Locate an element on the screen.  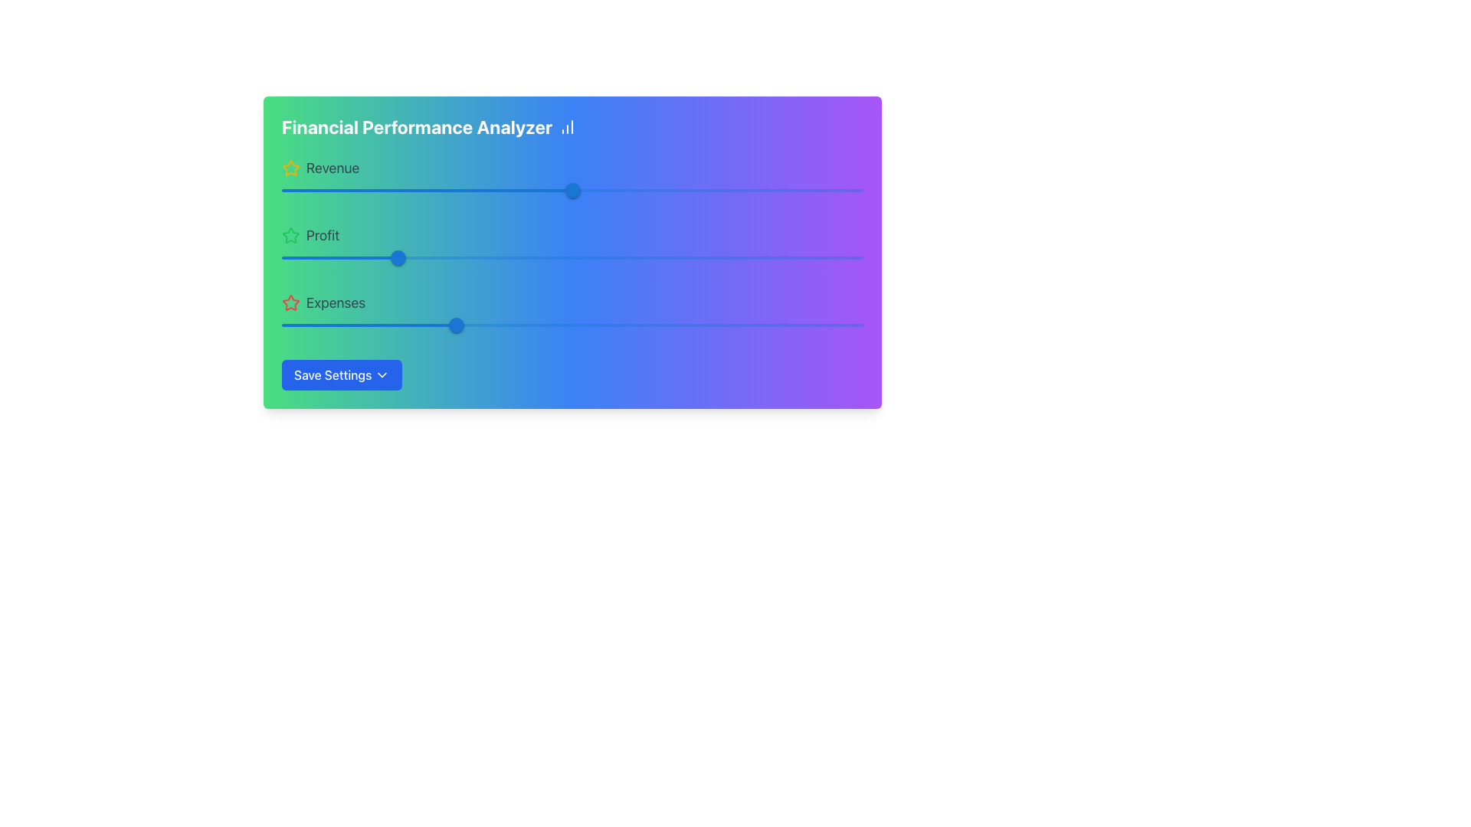
the profit slider is located at coordinates (836, 257).